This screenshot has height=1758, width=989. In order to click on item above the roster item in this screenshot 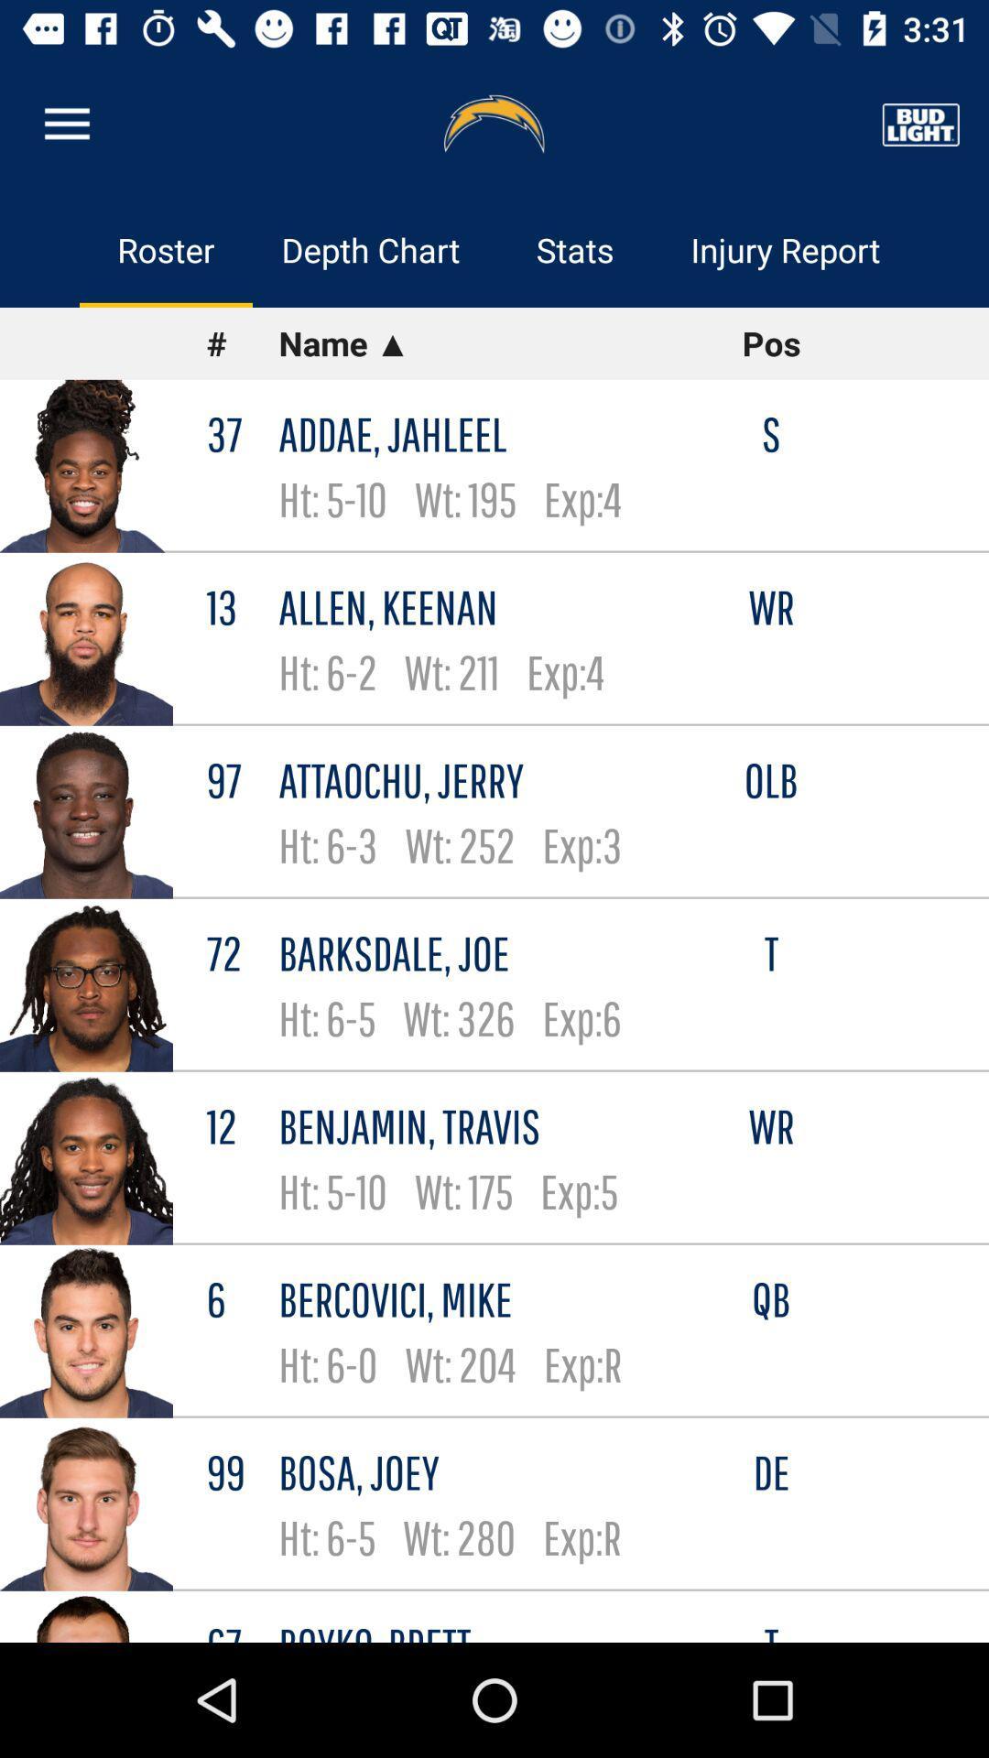, I will do `click(66, 124)`.